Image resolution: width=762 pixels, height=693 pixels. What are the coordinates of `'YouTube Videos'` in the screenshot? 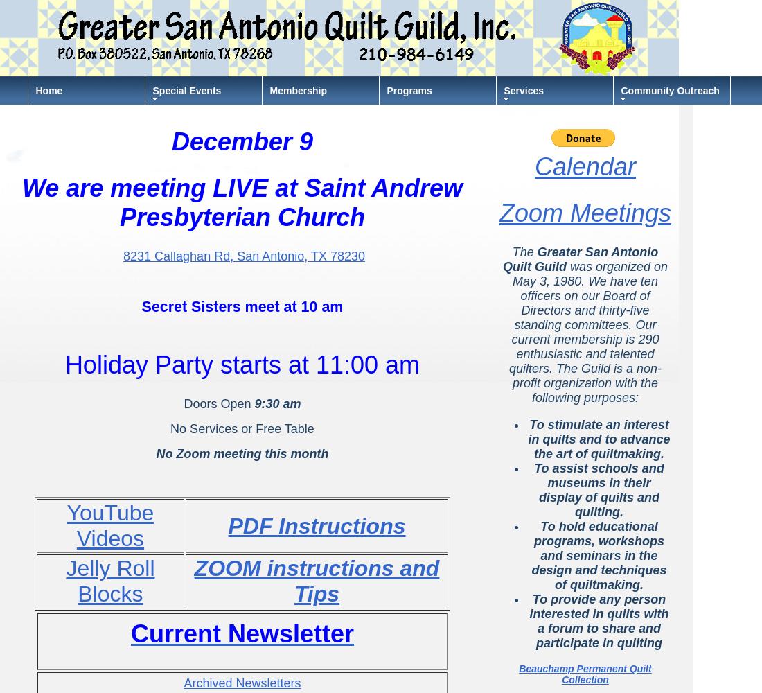 It's located at (109, 525).